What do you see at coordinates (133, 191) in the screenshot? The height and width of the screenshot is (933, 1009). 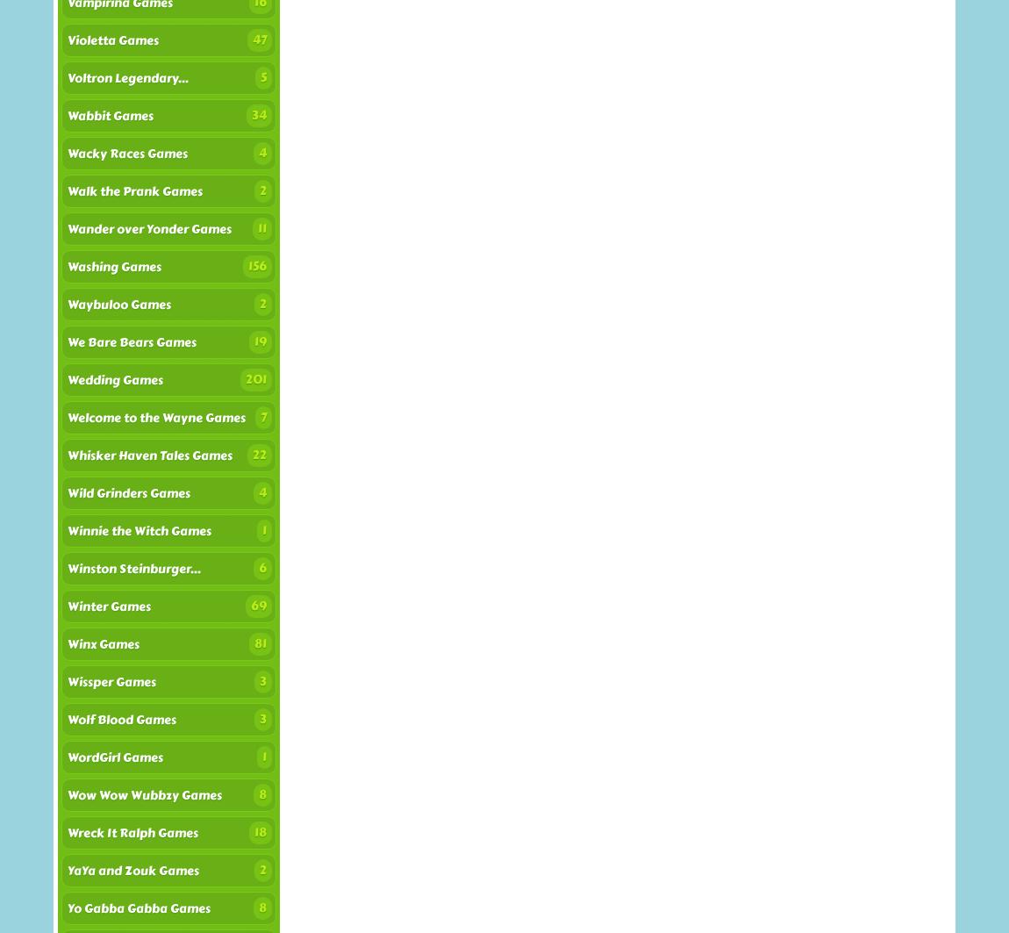 I see `'Walk the Prank Games'` at bounding box center [133, 191].